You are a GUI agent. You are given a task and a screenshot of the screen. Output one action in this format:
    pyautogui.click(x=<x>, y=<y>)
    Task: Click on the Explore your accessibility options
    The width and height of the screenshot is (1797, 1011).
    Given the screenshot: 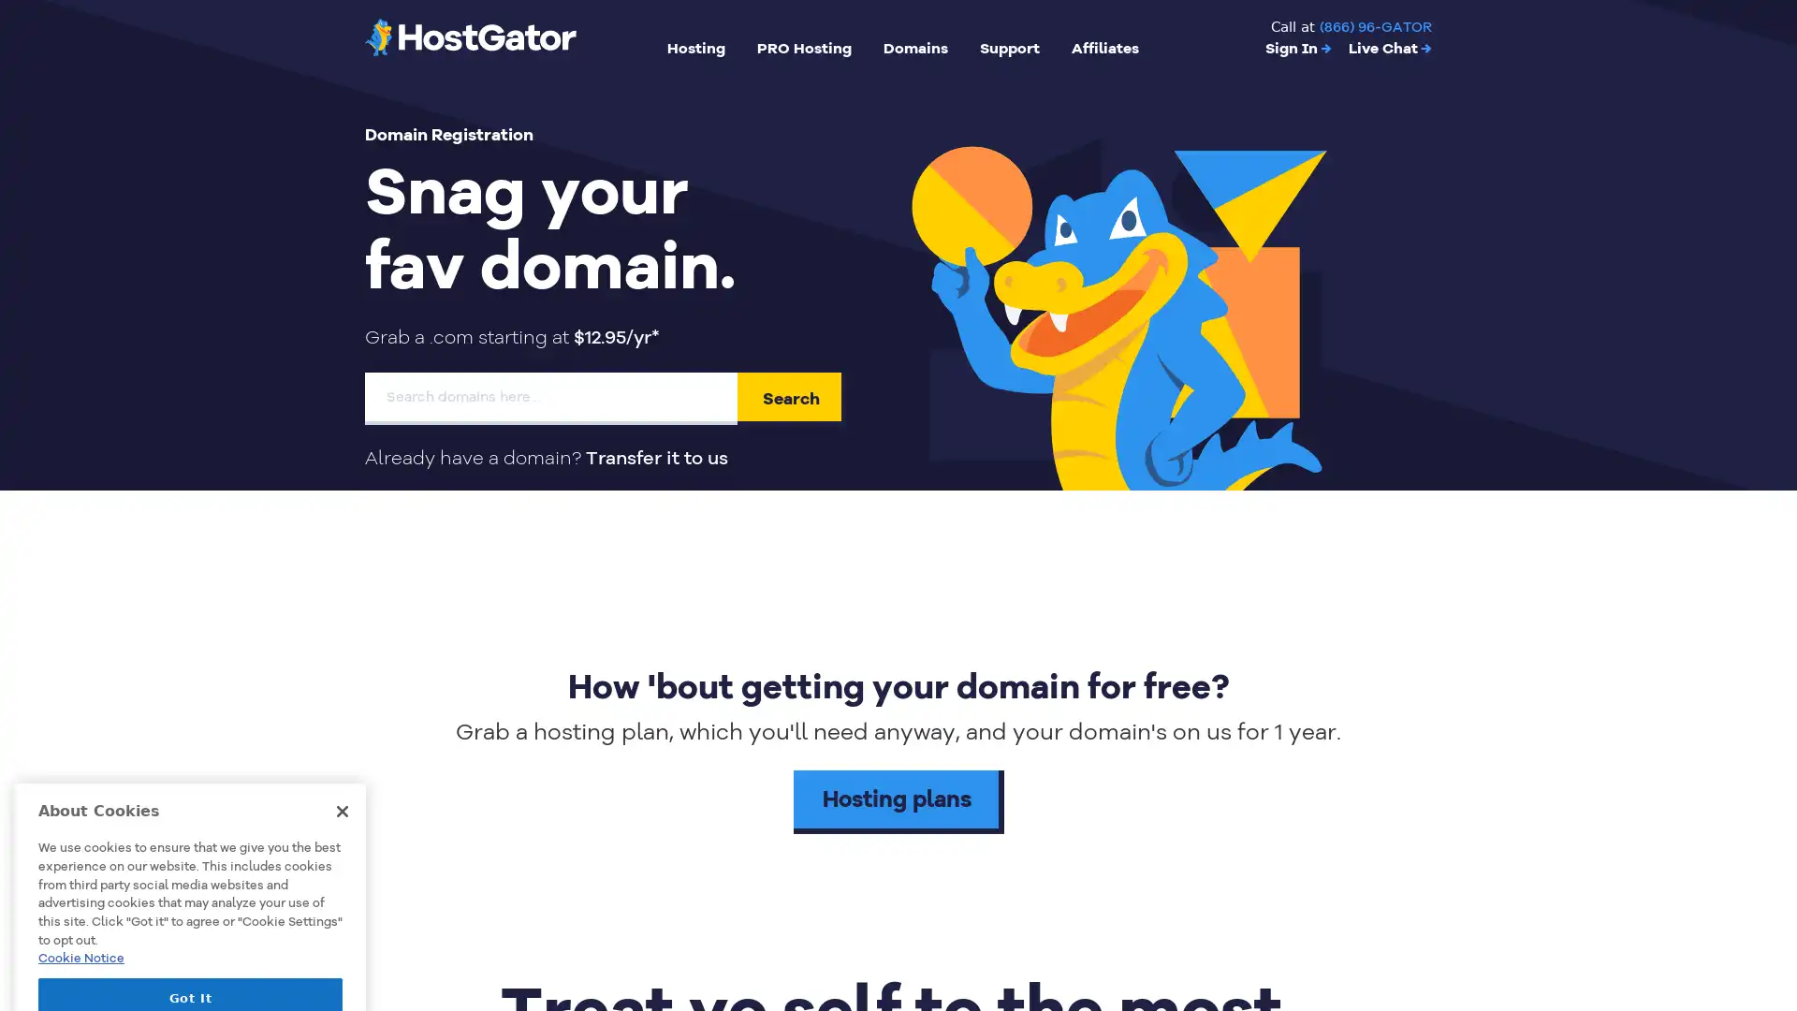 What is the action you would take?
    pyautogui.click(x=1765, y=916)
    